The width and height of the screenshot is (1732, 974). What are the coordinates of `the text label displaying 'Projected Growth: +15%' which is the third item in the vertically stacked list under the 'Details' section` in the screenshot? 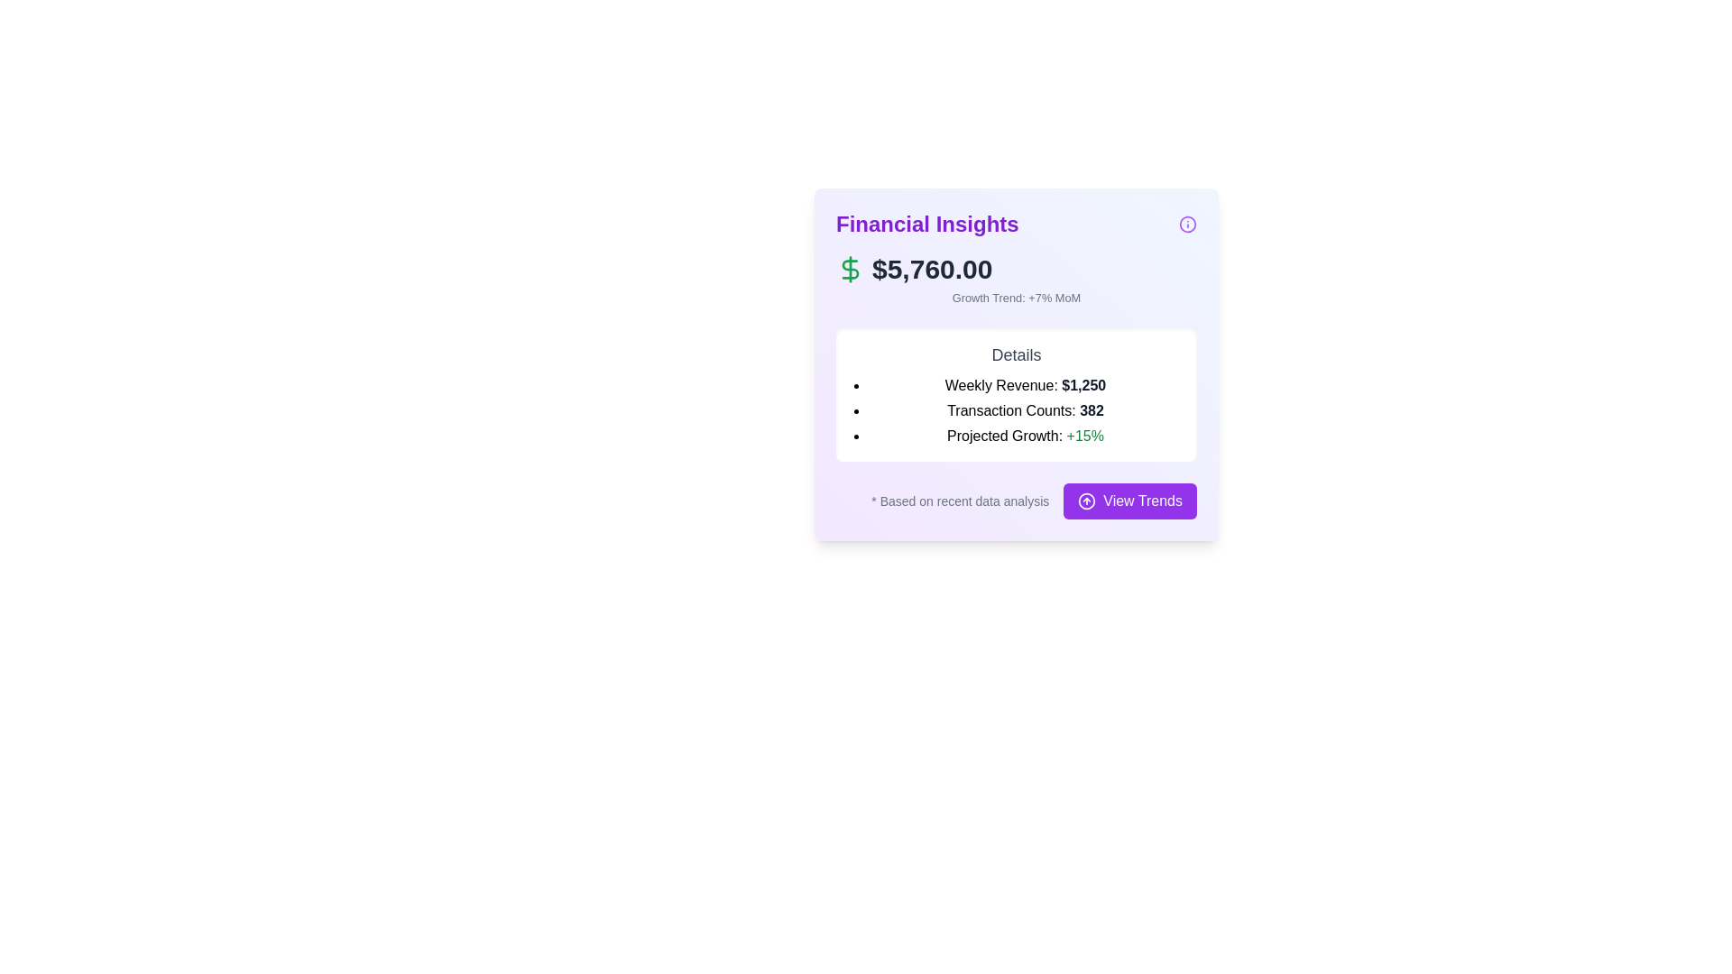 It's located at (1026, 436).